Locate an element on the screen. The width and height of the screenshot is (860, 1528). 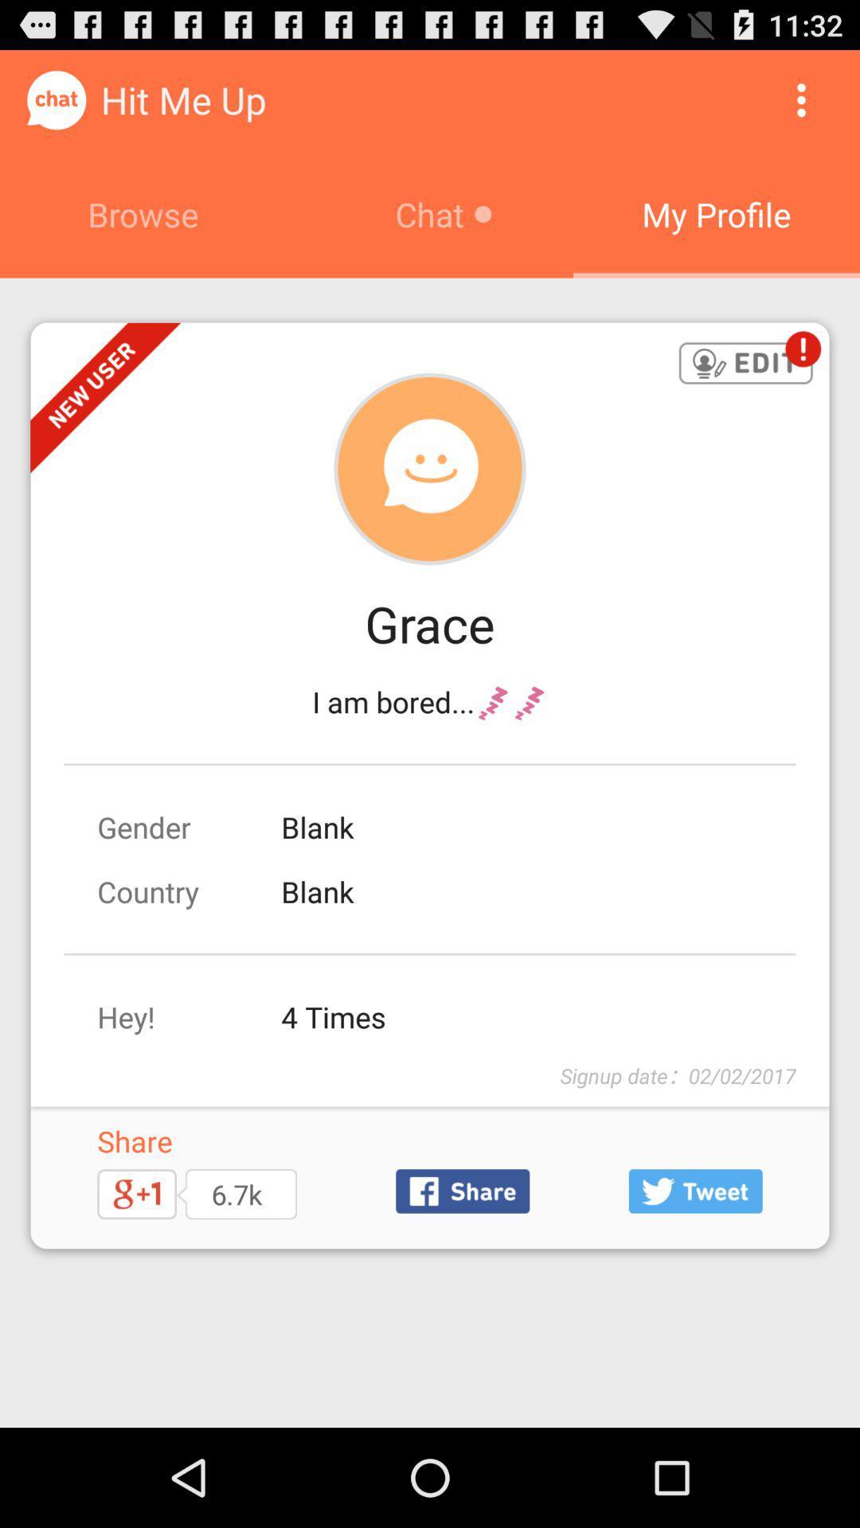
icon to the left of chat is located at coordinates (143, 213).